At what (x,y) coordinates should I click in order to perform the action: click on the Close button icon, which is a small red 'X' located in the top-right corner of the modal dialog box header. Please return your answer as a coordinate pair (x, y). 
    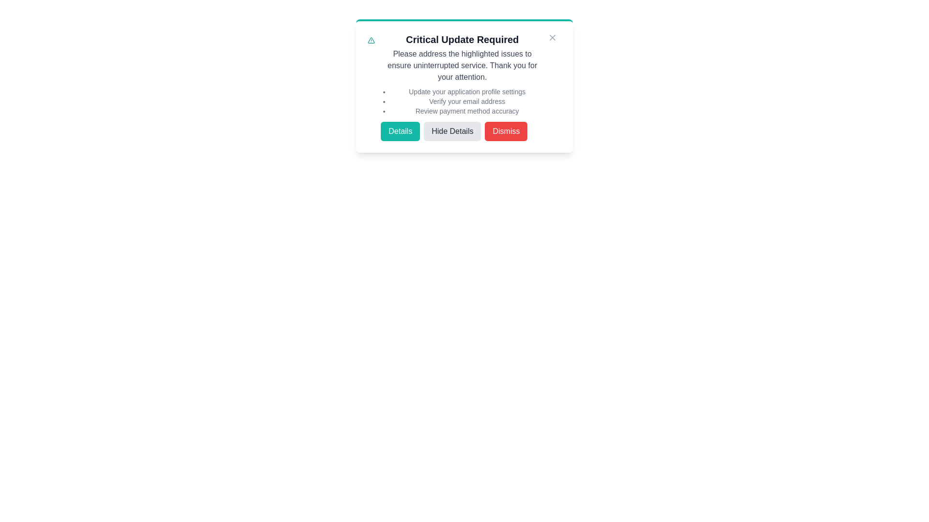
    Looking at the image, I should click on (553, 37).